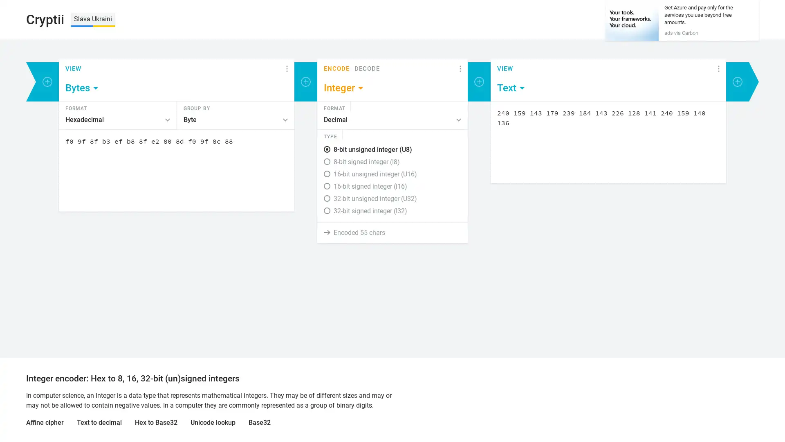  What do you see at coordinates (479, 82) in the screenshot?
I see `Add encoder or viewer` at bounding box center [479, 82].